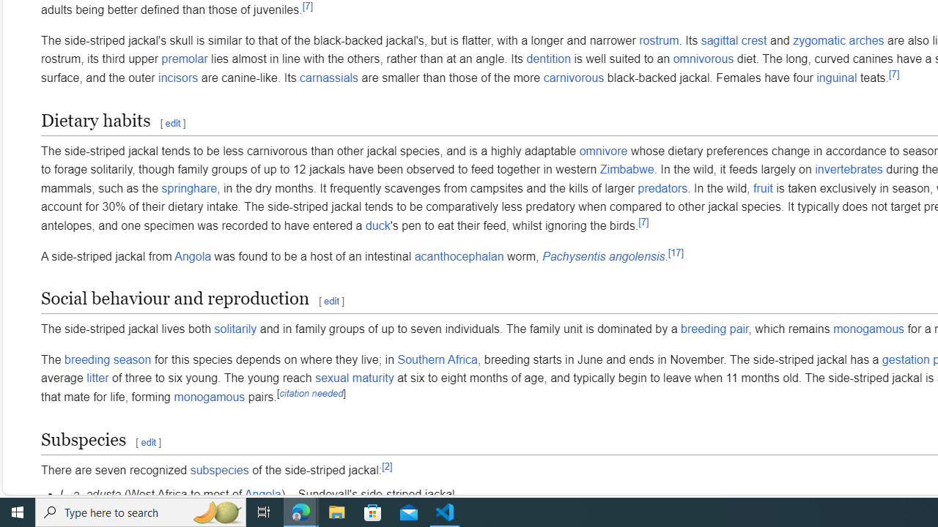 Image resolution: width=938 pixels, height=527 pixels. What do you see at coordinates (218, 469) in the screenshot?
I see `'subspecies'` at bounding box center [218, 469].